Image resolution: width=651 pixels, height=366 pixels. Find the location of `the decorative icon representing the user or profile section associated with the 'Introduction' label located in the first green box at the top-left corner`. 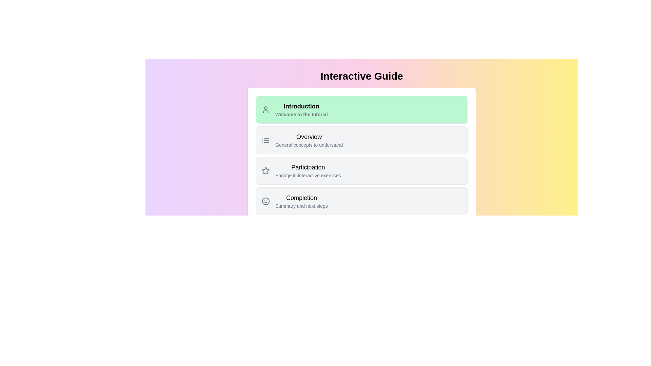

the decorative icon representing the user or profile section associated with the 'Introduction' label located in the first green box at the top-left corner is located at coordinates (265, 109).